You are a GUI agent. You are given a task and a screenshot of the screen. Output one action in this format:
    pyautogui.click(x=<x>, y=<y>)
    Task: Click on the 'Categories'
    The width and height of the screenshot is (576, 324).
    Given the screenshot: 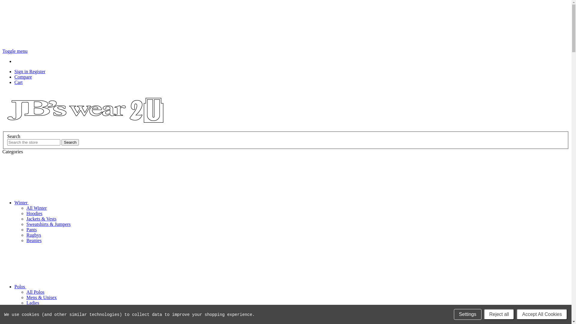 What is the action you would take?
    pyautogui.click(x=13, y=151)
    